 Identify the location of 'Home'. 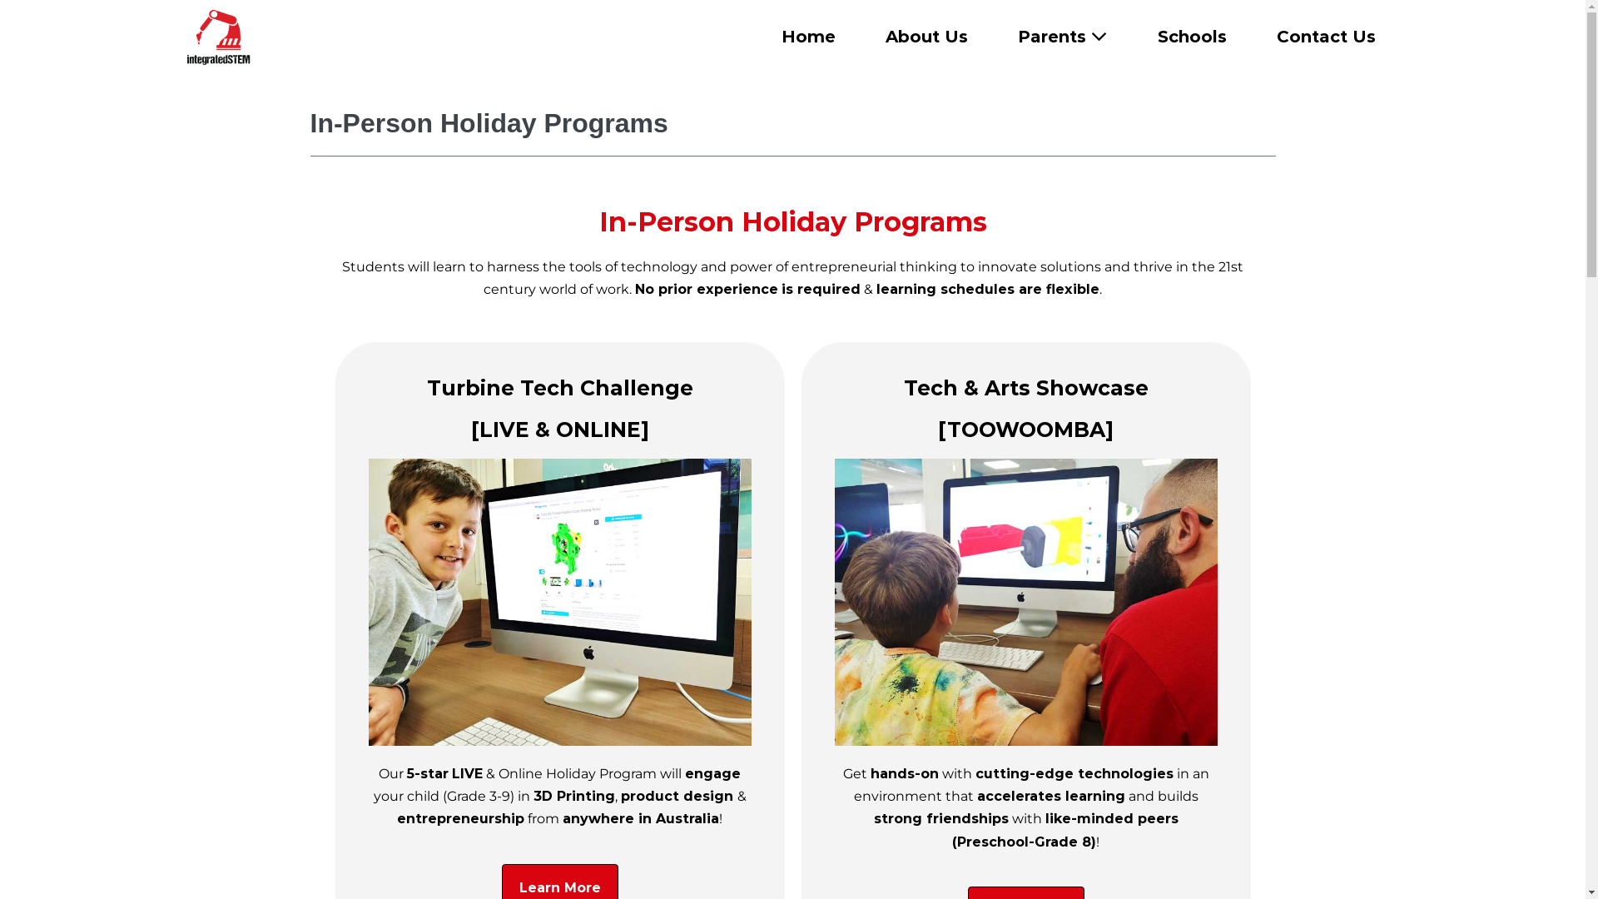
(807, 36).